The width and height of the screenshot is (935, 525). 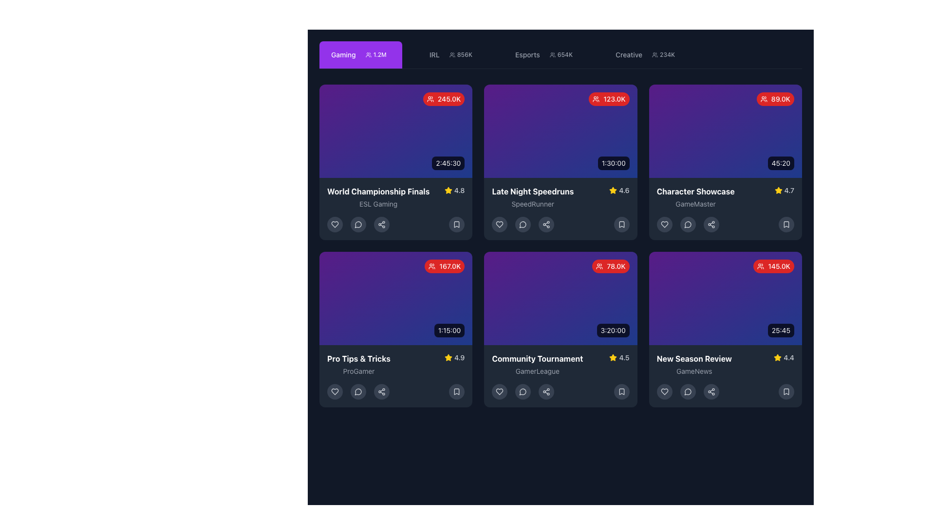 What do you see at coordinates (448, 162) in the screenshot?
I see `the black rectangular label displaying '2:45:30' located at the bottom-right corner of the first card in a grid of six cards` at bounding box center [448, 162].